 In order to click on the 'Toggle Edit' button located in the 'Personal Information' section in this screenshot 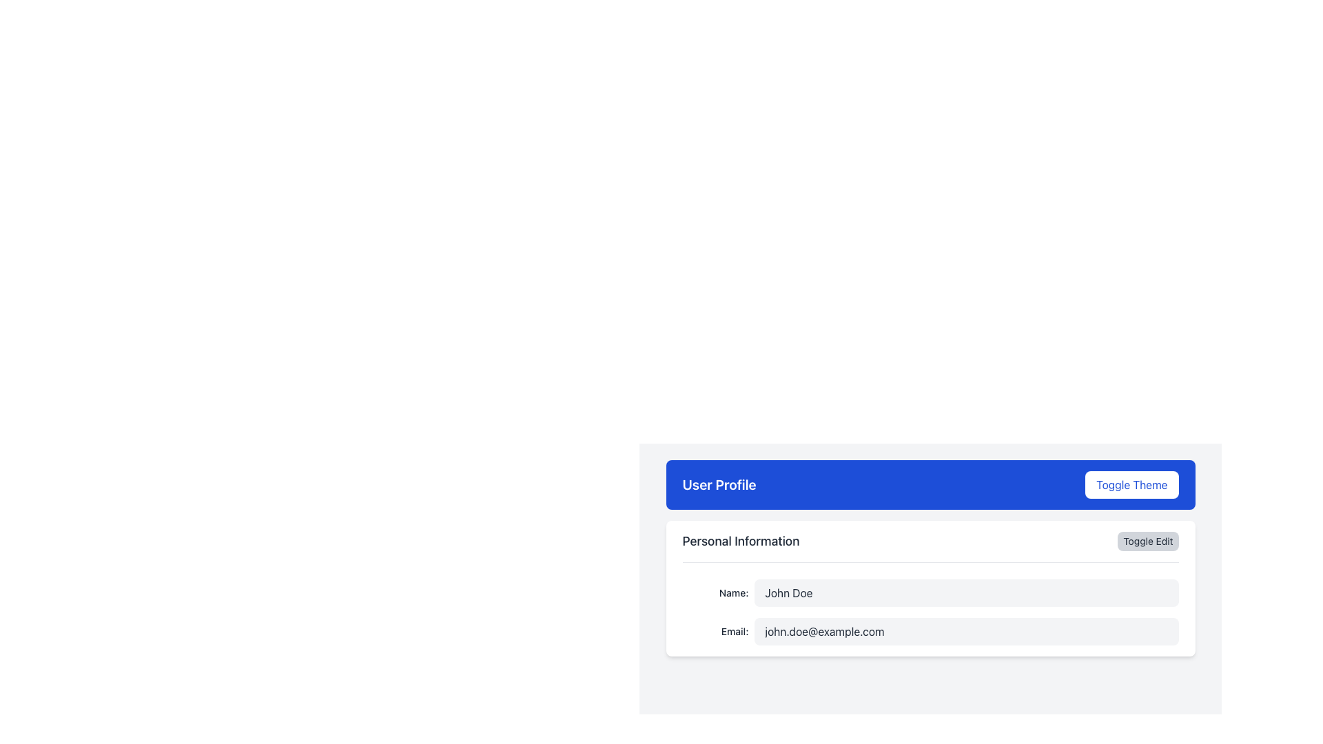, I will do `click(1148, 541)`.